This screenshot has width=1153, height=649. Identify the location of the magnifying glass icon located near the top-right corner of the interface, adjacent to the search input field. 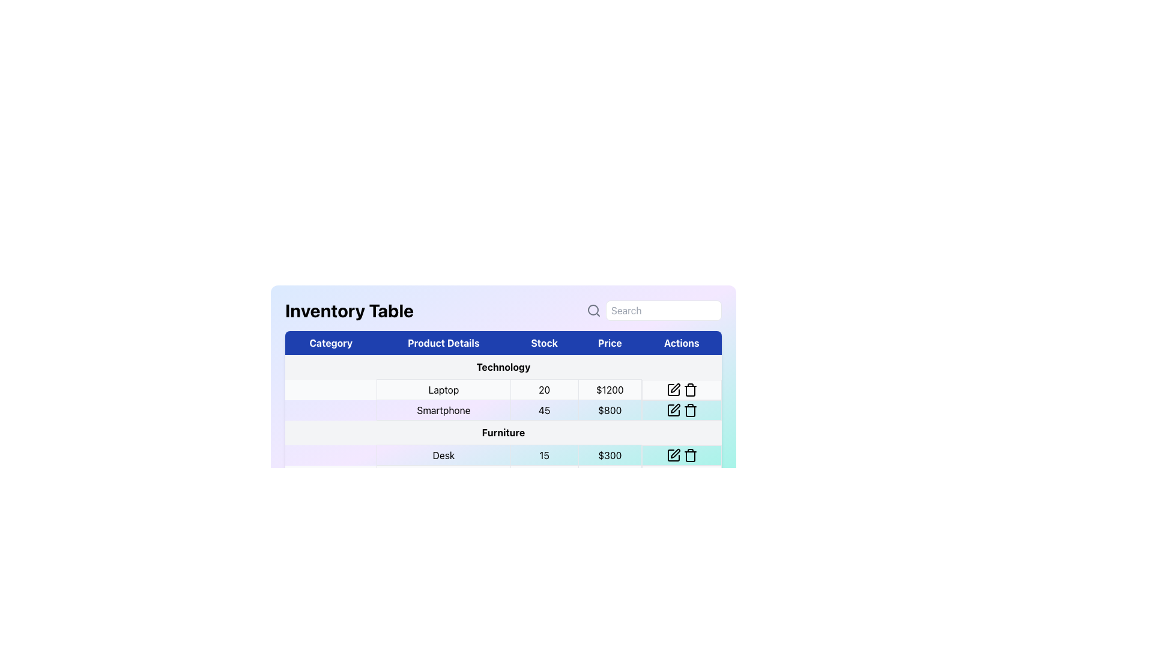
(593, 309).